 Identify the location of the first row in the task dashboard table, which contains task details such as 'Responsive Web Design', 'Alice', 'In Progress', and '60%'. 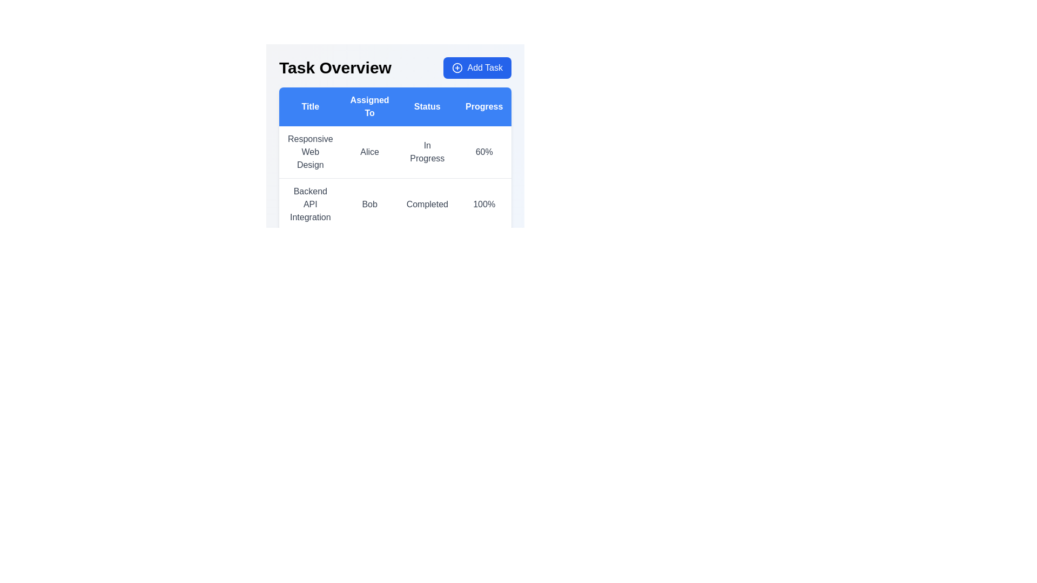
(427, 178).